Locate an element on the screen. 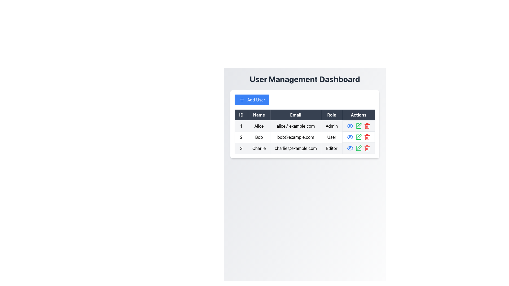  the Table Header Cell indicating the 'ID' column, which is the leftmost element in the header row of the table is located at coordinates (241, 115).